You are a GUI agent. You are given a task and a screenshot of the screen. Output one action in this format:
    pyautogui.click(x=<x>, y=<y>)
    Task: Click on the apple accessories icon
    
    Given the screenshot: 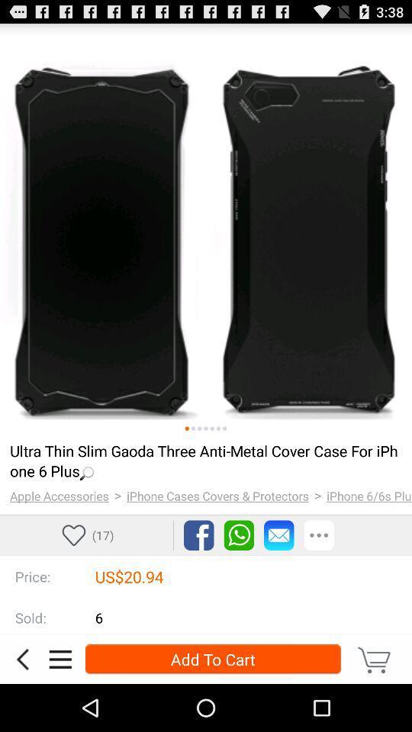 What is the action you would take?
    pyautogui.click(x=58, y=495)
    